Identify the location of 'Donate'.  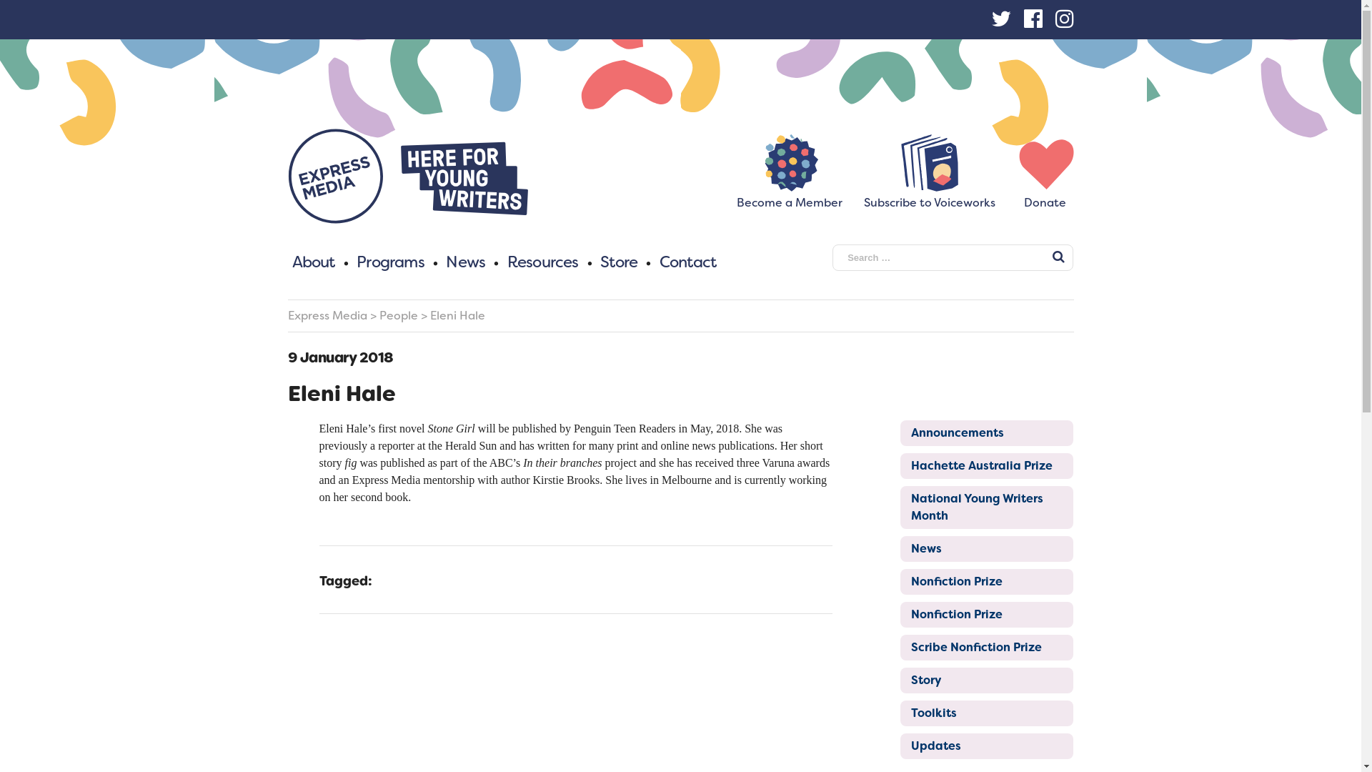
(1045, 197).